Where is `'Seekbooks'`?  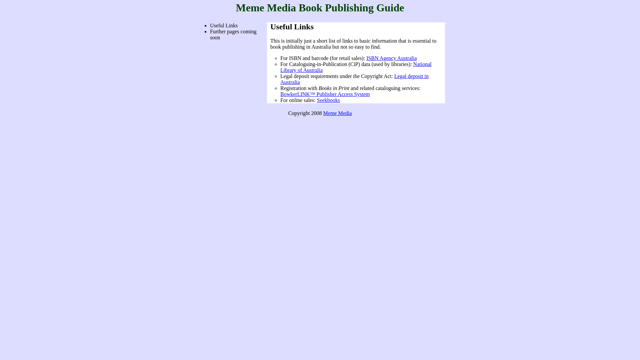
'Seekbooks' is located at coordinates (328, 100).